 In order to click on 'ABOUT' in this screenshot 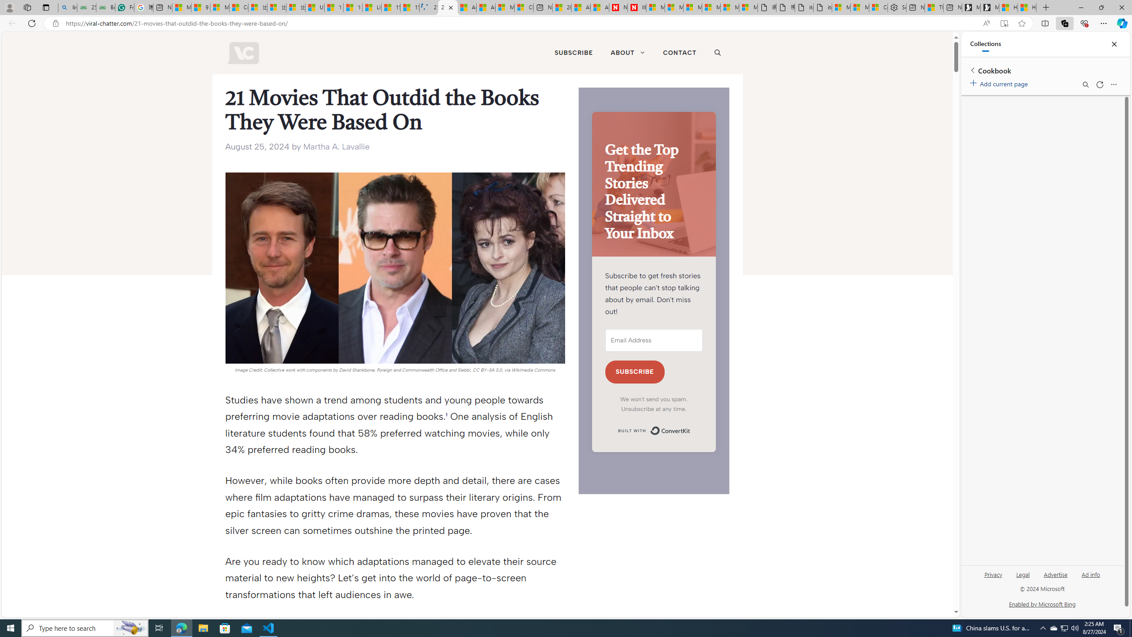, I will do `click(627, 52)`.